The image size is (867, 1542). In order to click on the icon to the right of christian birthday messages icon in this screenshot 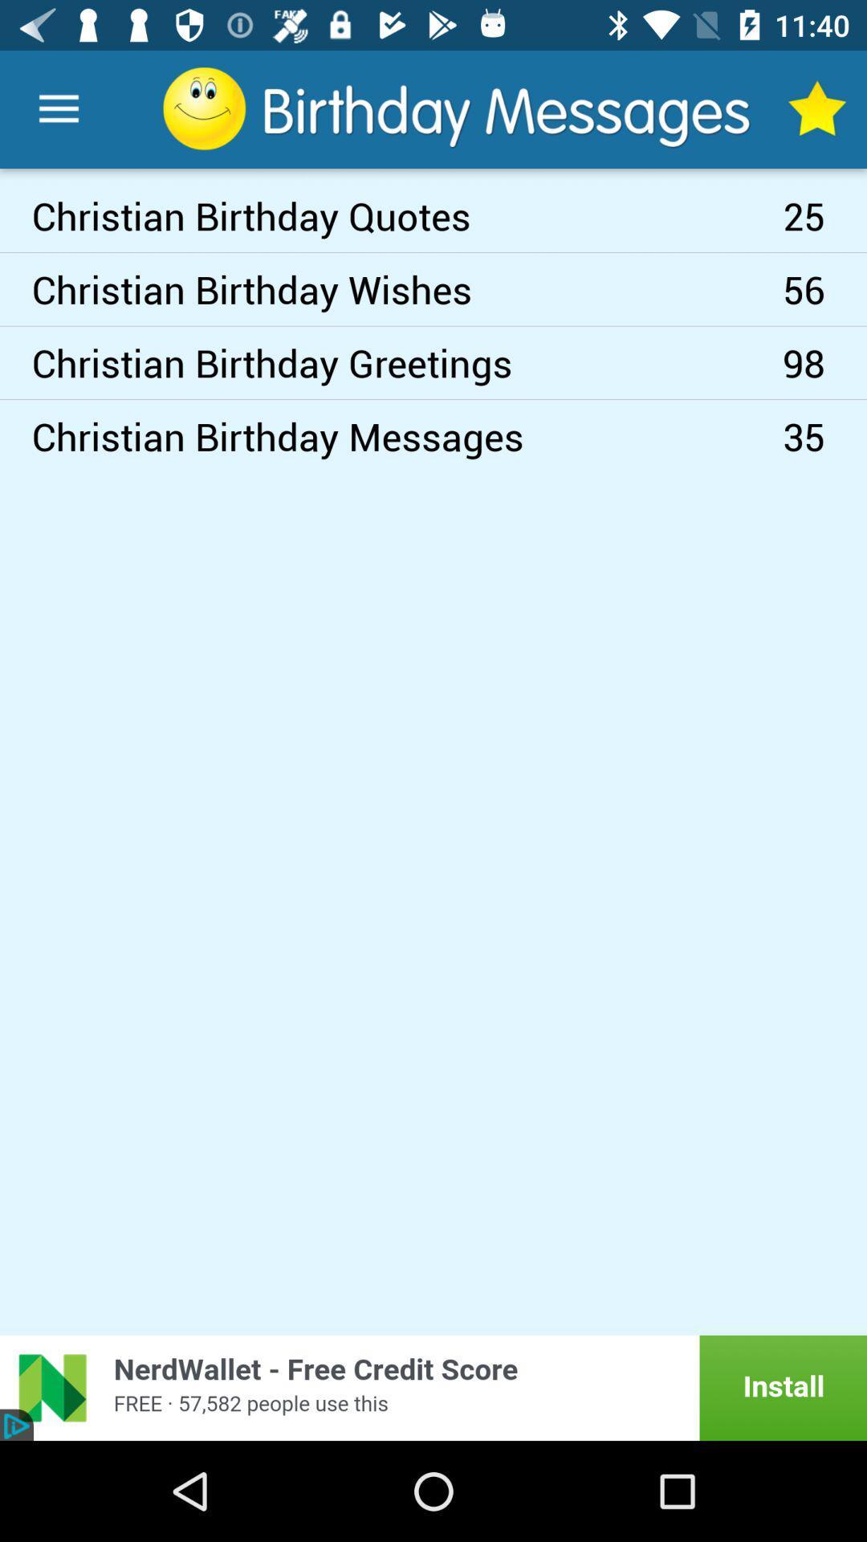, I will do `click(824, 361)`.